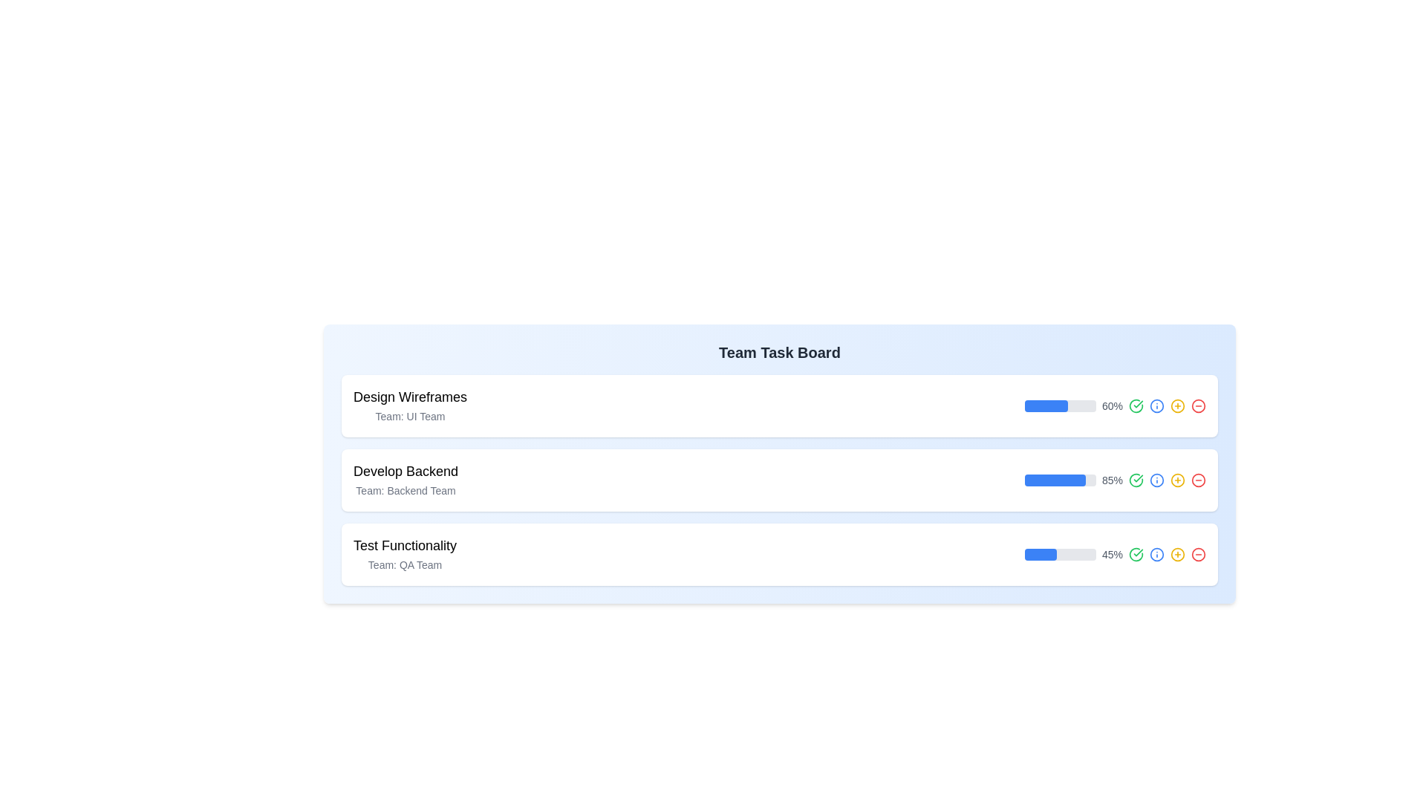 The image size is (1426, 802). Describe the element at coordinates (406, 480) in the screenshot. I see `text displayed in the text block titled 'Develop Backend' with the subtitle 'Team: Backend Team', located in the middle card of a vertical list of cards` at that location.